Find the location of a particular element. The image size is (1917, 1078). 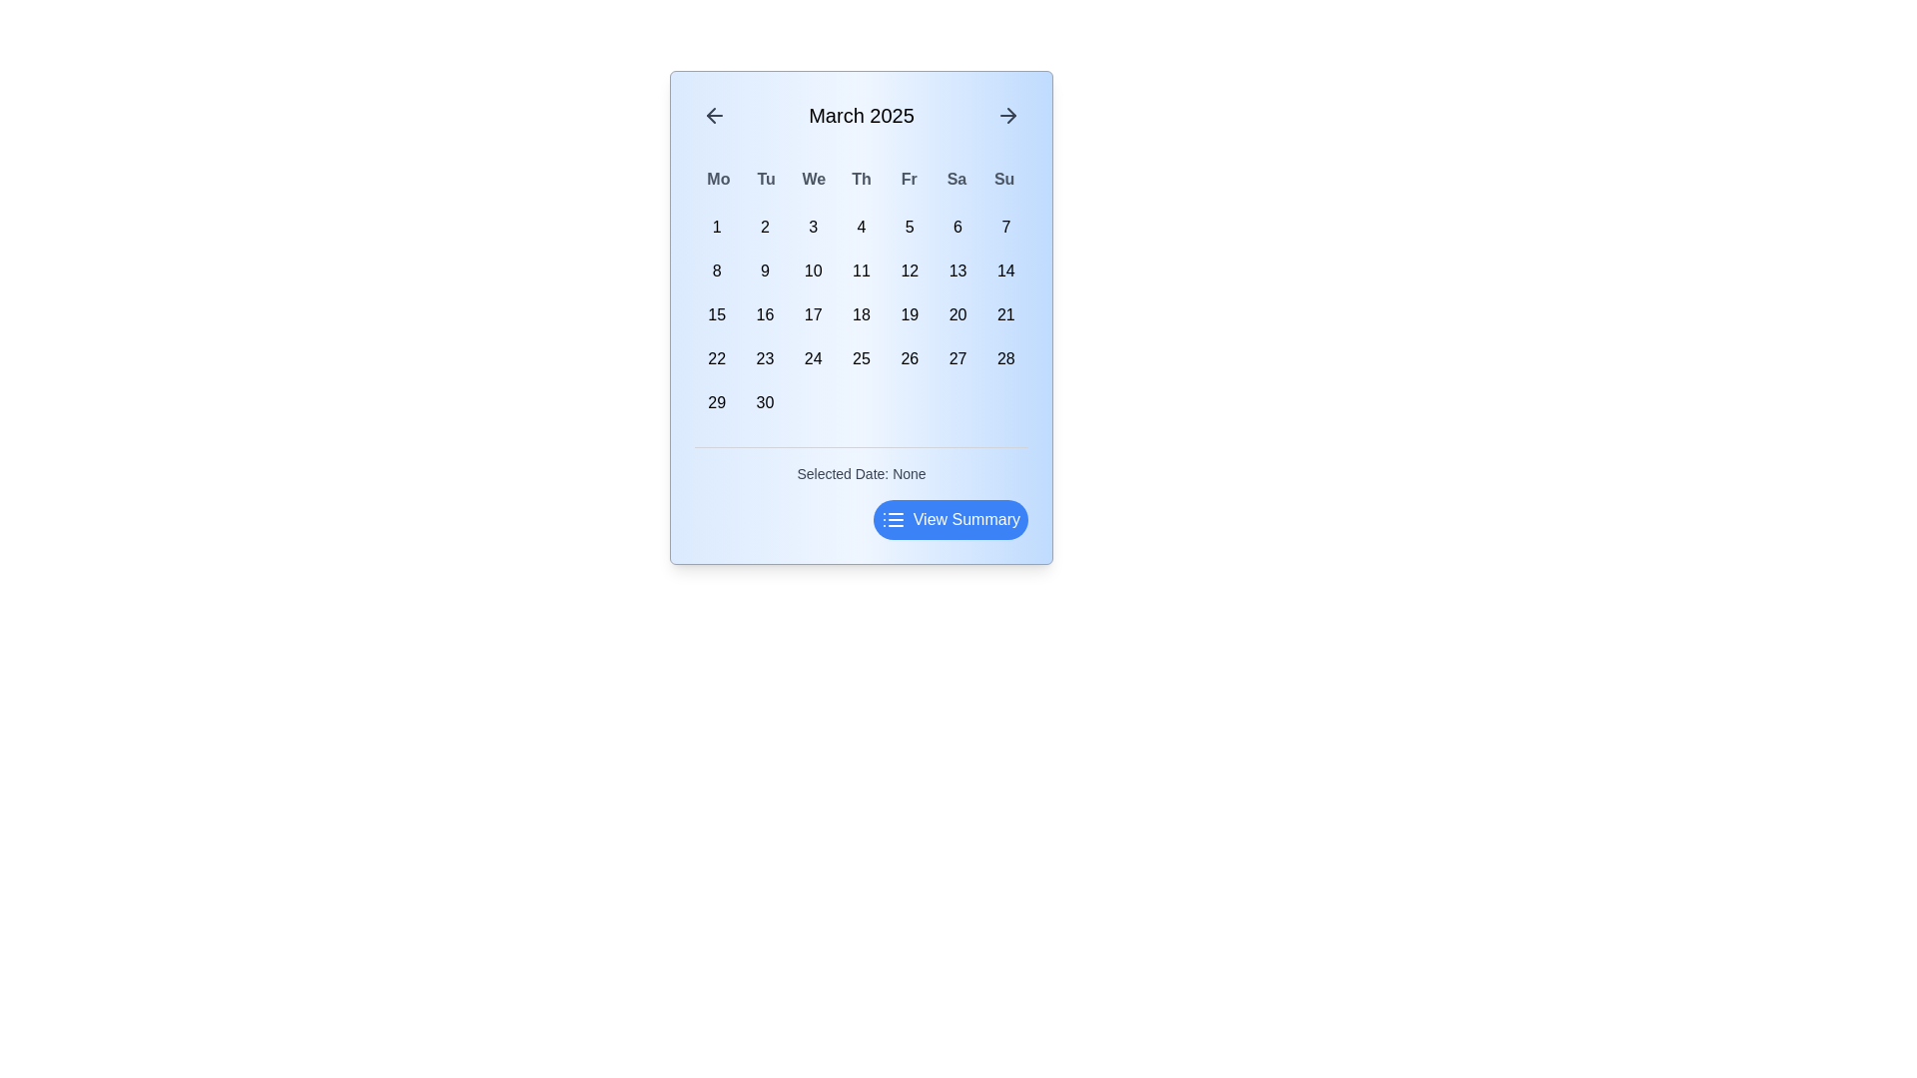

the interactive calendar day button displaying the number '11' is located at coordinates (862, 271).